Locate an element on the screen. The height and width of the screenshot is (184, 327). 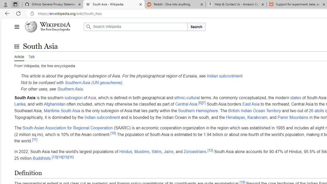
'[7]' is located at coordinates (203, 103).